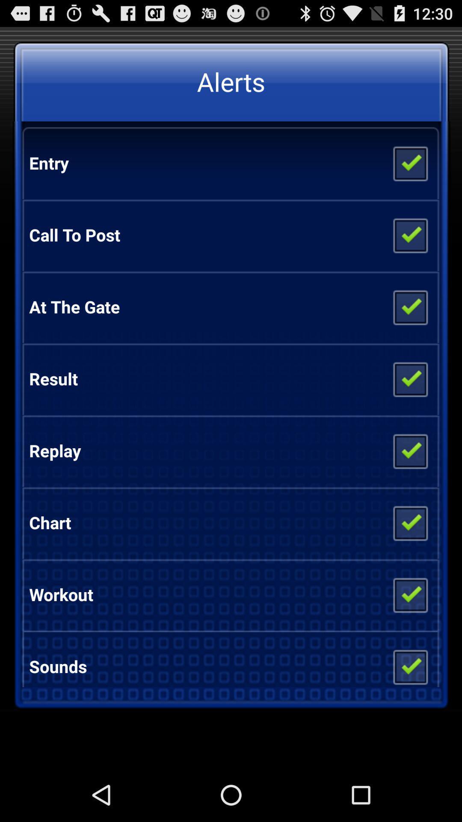 Image resolution: width=462 pixels, height=822 pixels. What do you see at coordinates (409, 450) in the screenshot?
I see `the icon next to the replay` at bounding box center [409, 450].